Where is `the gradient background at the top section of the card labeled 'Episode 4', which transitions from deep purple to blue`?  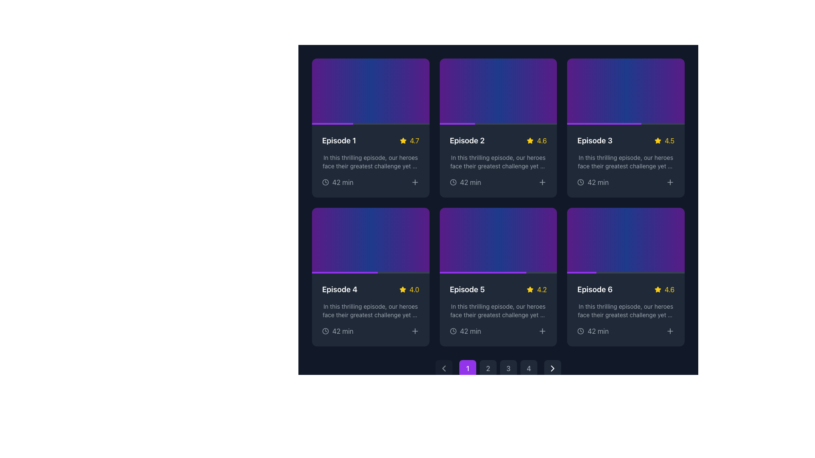
the gradient background at the top section of the card labeled 'Episode 4', which transitions from deep purple to blue is located at coordinates (371, 240).